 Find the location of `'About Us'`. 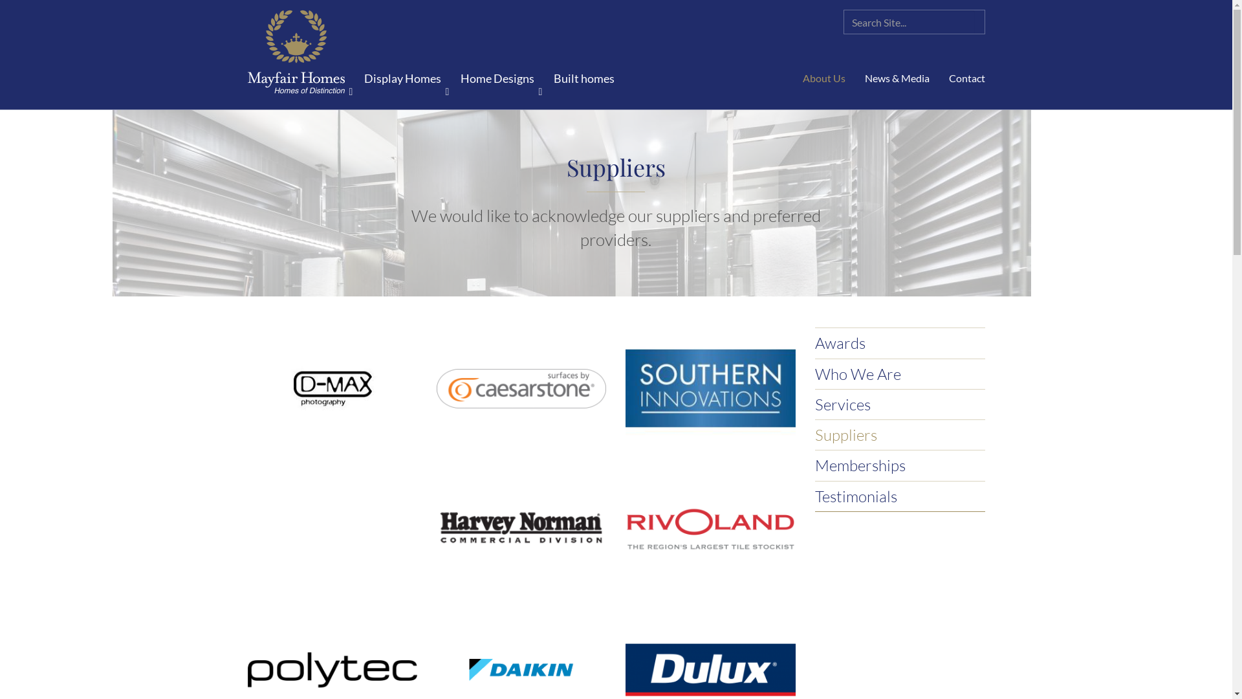

'About Us' is located at coordinates (792, 78).